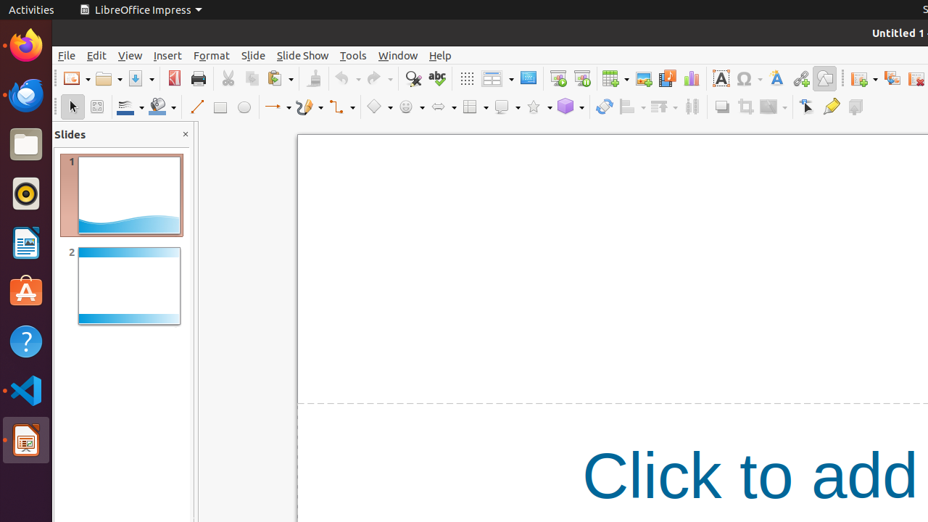  Describe the element at coordinates (721, 78) in the screenshot. I see `'Text Box'` at that location.